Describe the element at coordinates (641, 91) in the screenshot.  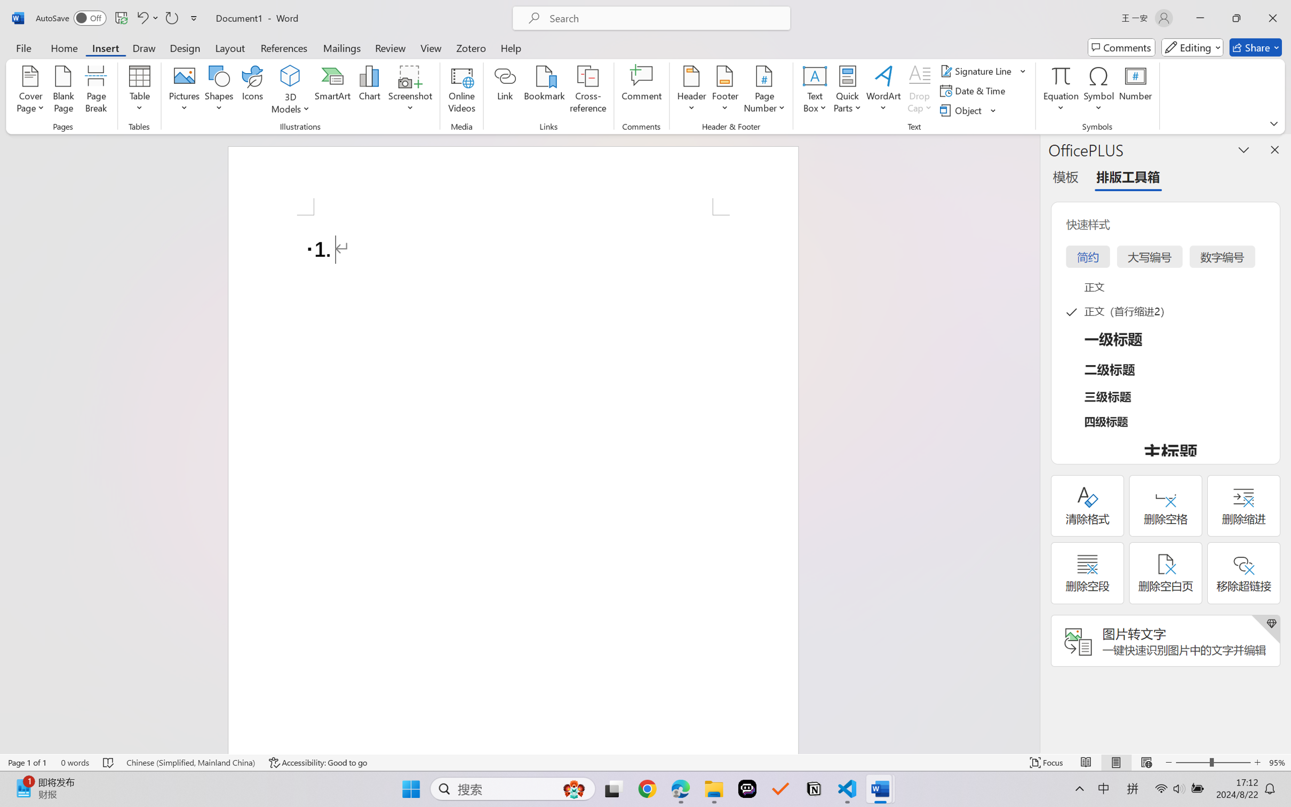
I see `'Comment'` at that location.